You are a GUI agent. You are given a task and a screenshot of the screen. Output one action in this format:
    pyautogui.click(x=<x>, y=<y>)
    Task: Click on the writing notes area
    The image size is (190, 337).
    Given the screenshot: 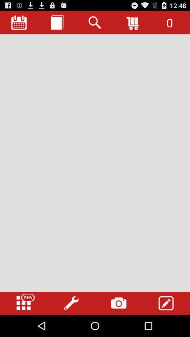 What is the action you would take?
    pyautogui.click(x=95, y=163)
    